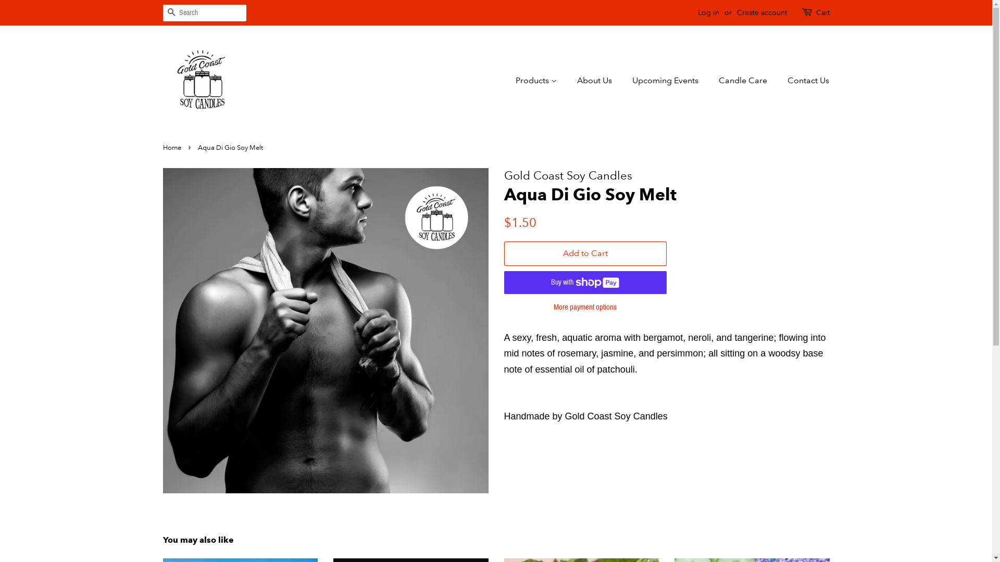 The height and width of the screenshot is (562, 1000). I want to click on 'Add to Cart', so click(585, 253).